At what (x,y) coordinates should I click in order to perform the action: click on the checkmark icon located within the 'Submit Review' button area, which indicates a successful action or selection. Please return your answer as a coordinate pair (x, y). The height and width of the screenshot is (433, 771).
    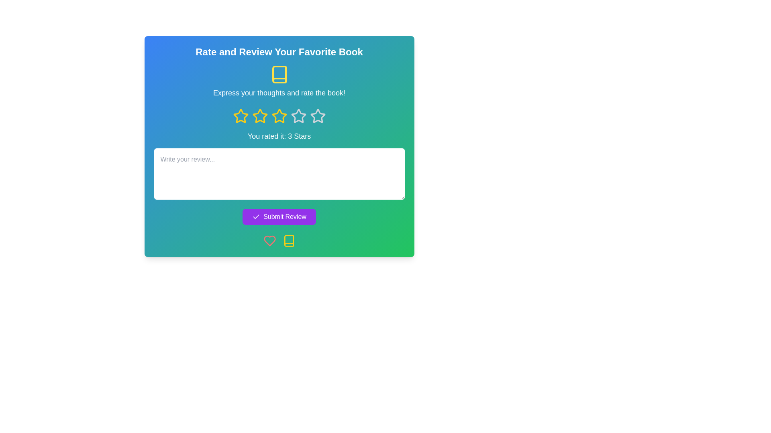
    Looking at the image, I should click on (256, 216).